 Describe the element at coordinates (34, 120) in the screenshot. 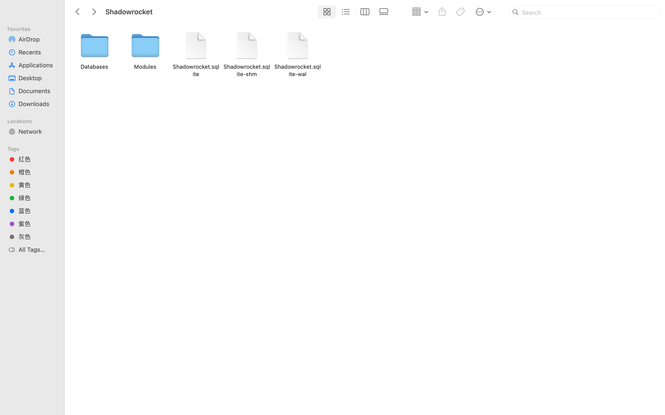

I see `'Locations'` at that location.